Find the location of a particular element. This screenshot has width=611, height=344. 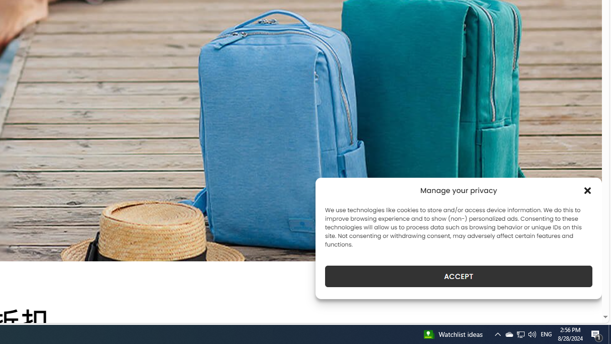

'ACCEPT' is located at coordinates (459, 276).